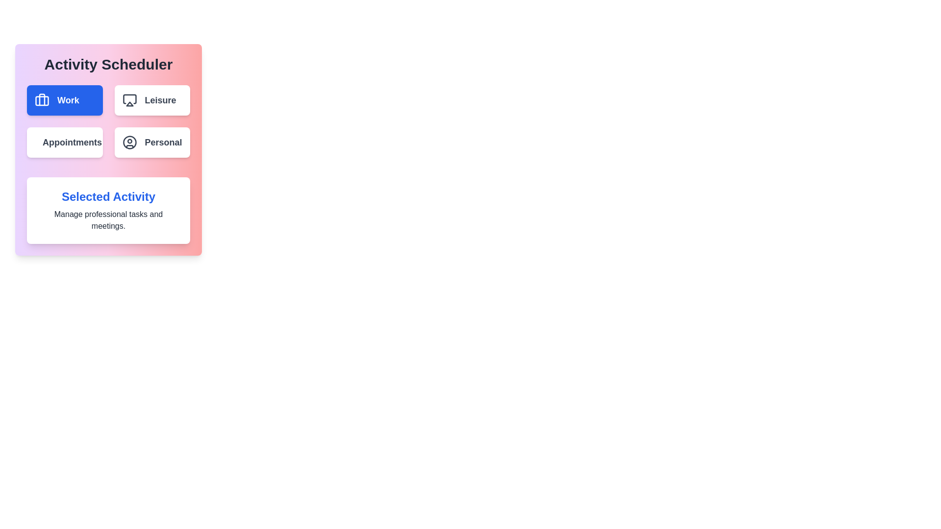 The width and height of the screenshot is (941, 529). What do you see at coordinates (68, 100) in the screenshot?
I see `the text label indicating the 'Work' category, which is located to the right of the briefcase icon in the top-left quadrant of the interface` at bounding box center [68, 100].